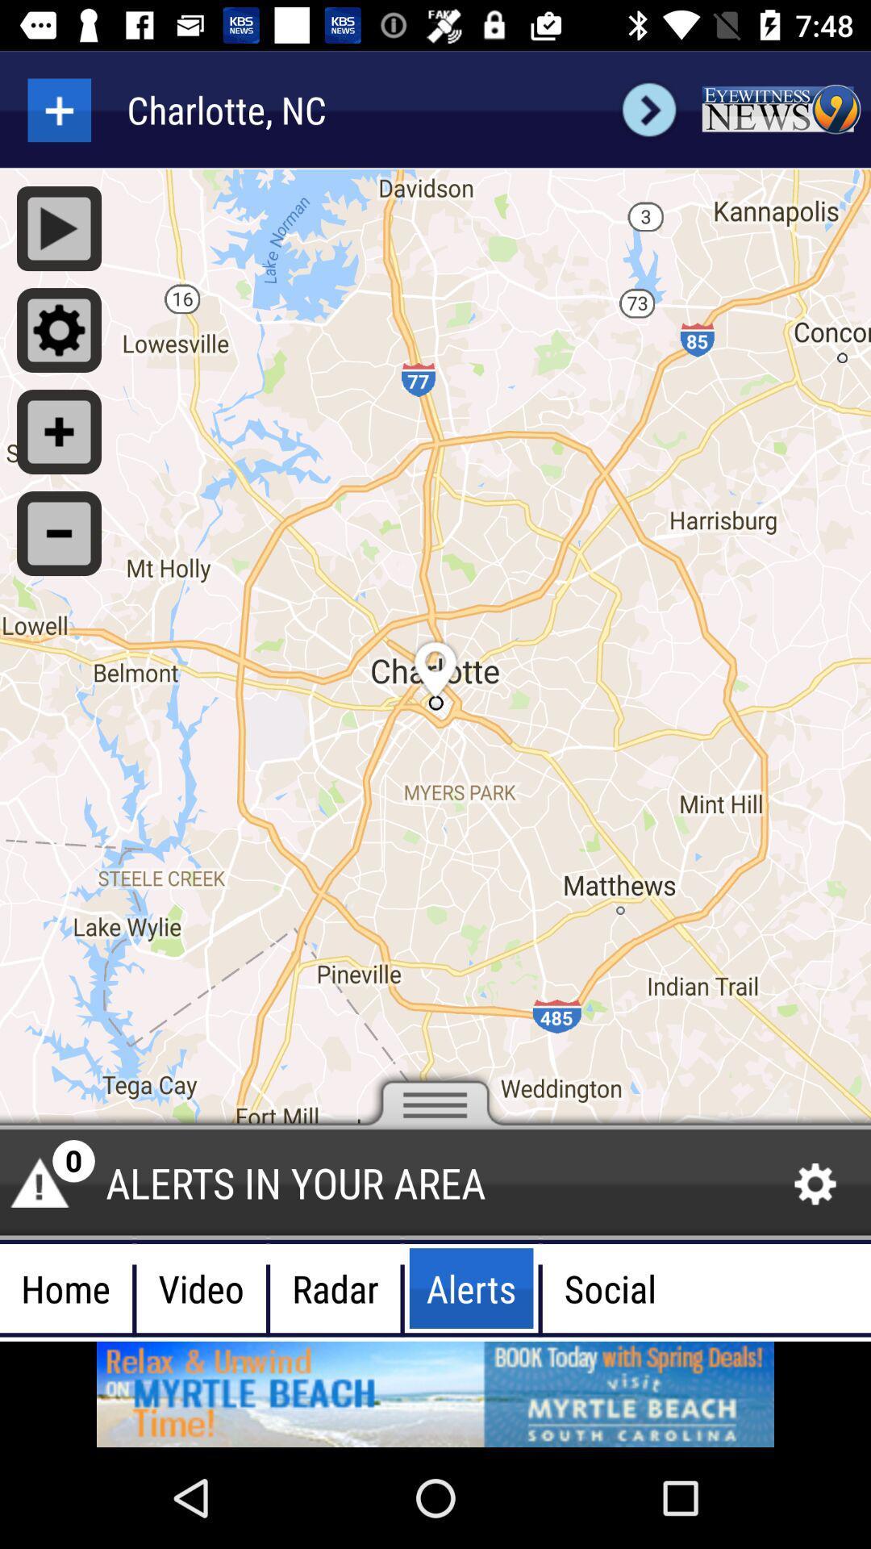  What do you see at coordinates (780, 109) in the screenshot?
I see `advertisement` at bounding box center [780, 109].